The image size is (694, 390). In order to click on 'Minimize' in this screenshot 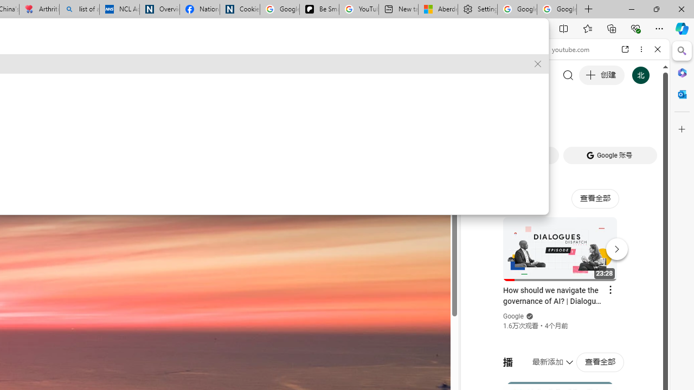, I will do `click(631, 9)`.